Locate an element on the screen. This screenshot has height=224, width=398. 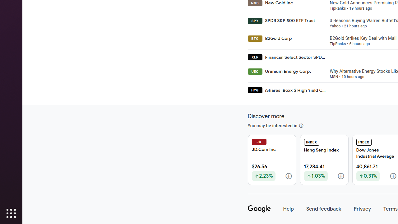
'Send feedback' is located at coordinates (323, 209).